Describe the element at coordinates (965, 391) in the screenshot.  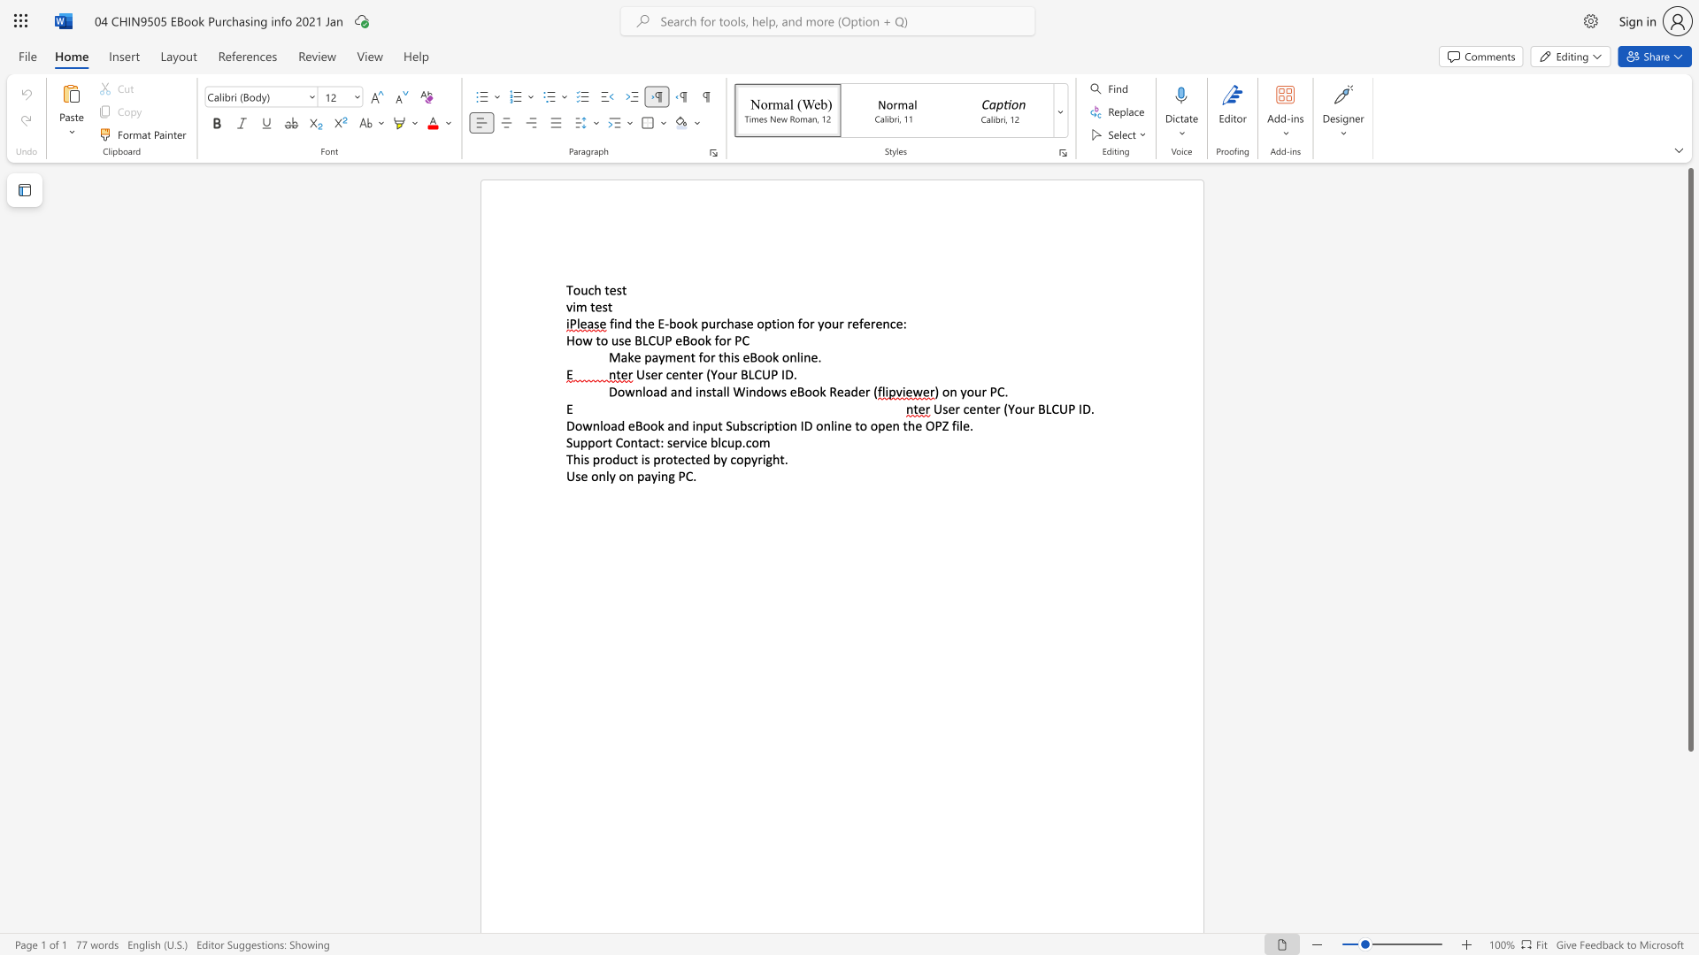
I see `the subset text "our" within the text ") on your PC."` at that location.